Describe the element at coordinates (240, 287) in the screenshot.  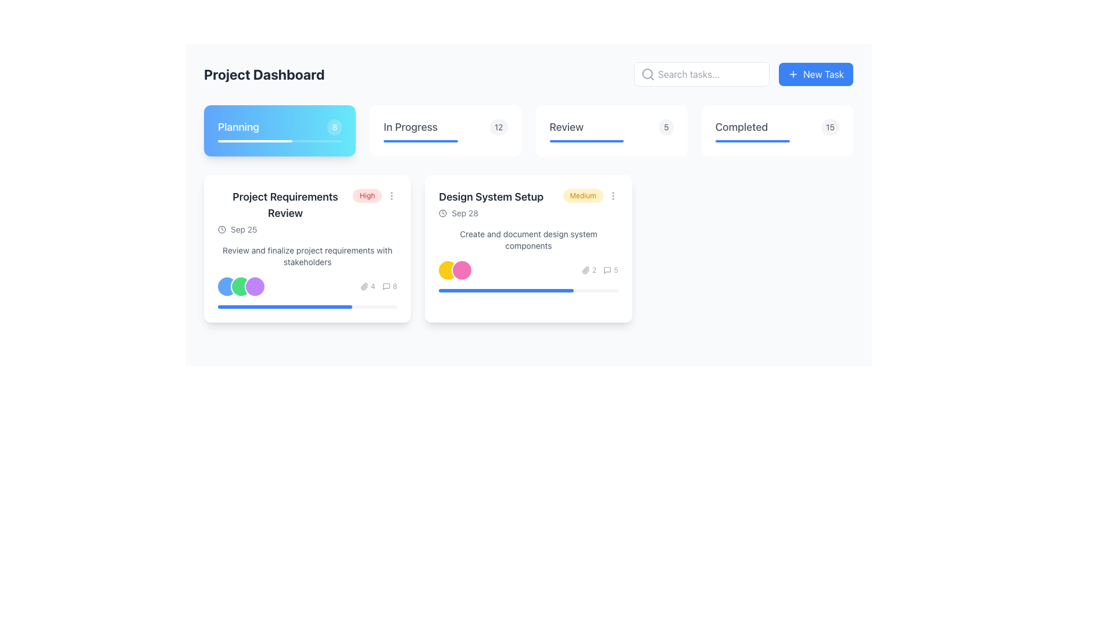
I see `the Avatar group consisting of three overlapping circular avatars in blue, green, and purple, located at the bottom-left of the 'Project Requirements Review' task card` at that location.